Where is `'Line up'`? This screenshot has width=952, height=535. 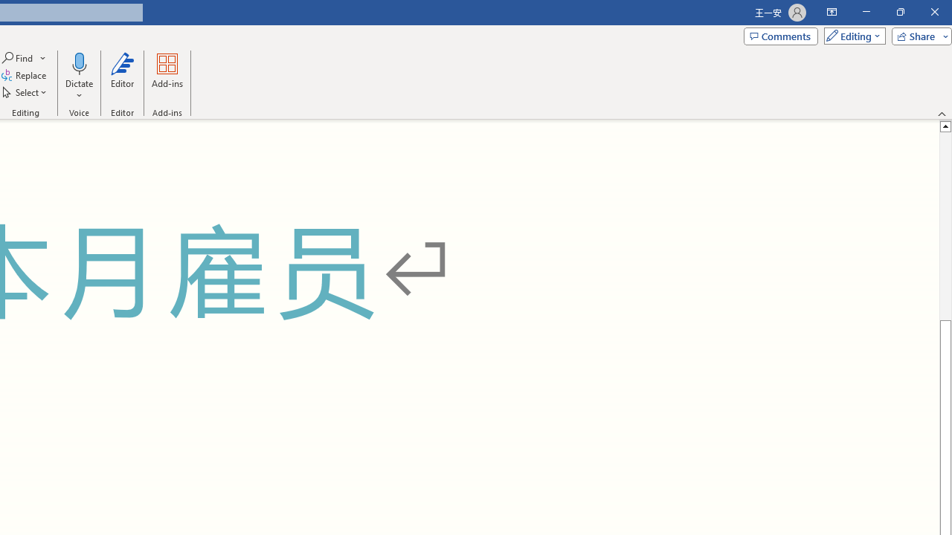 'Line up' is located at coordinates (945, 125).